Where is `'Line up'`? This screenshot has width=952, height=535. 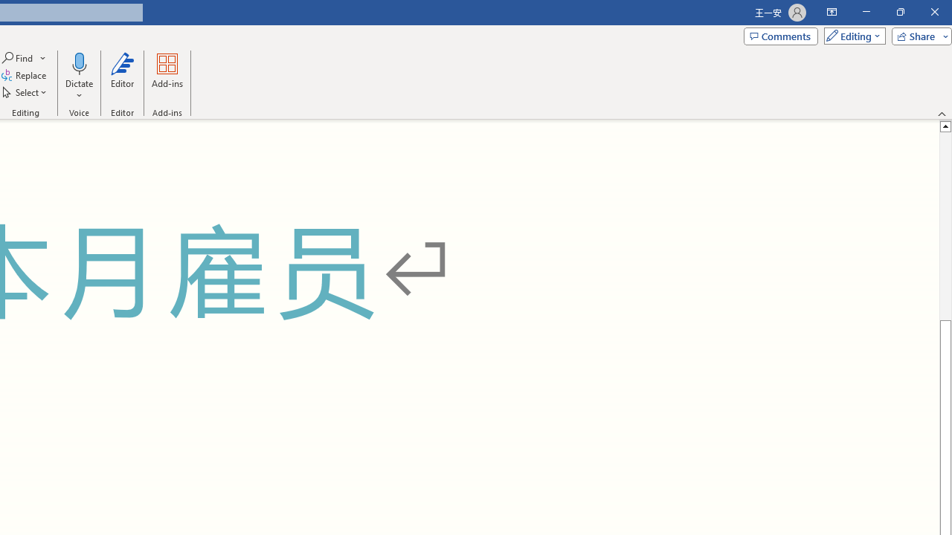 'Line up' is located at coordinates (945, 125).